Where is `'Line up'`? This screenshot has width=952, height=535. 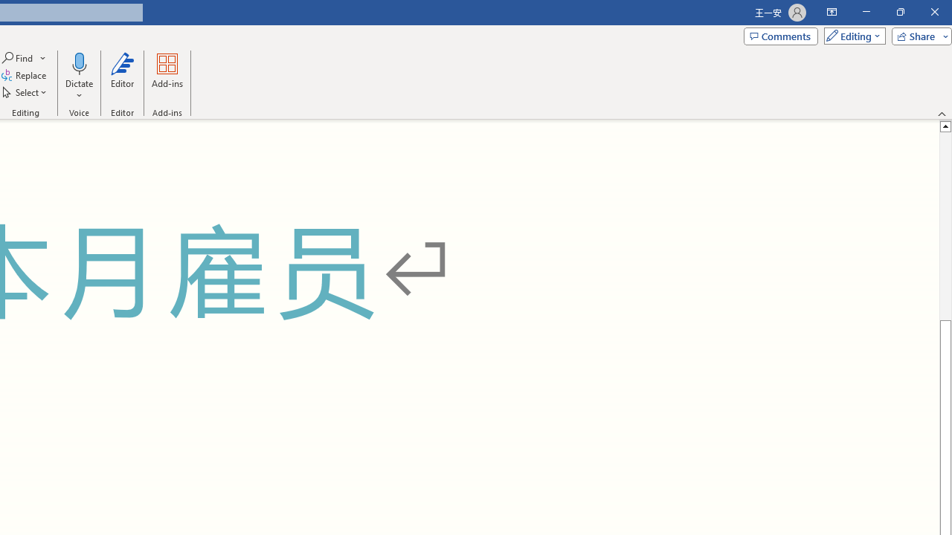 'Line up' is located at coordinates (945, 125).